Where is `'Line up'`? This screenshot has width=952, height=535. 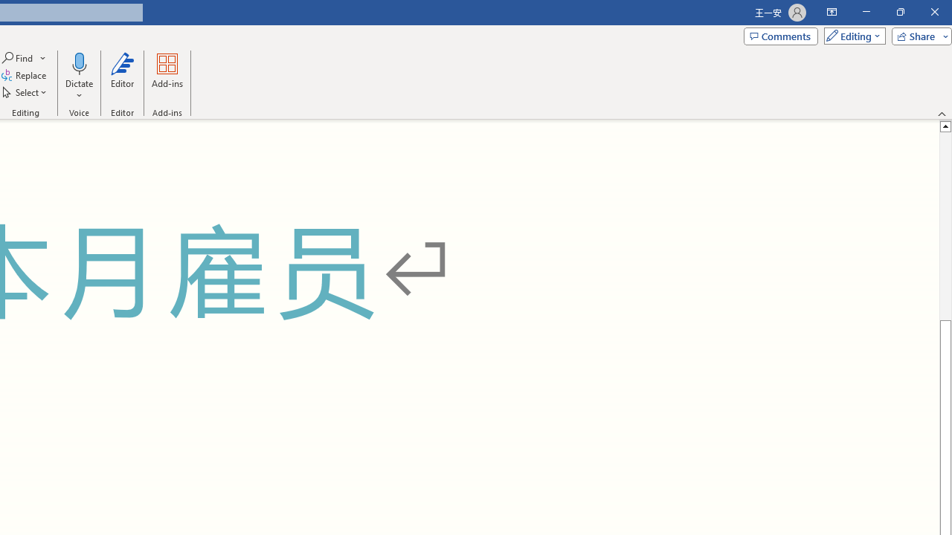 'Line up' is located at coordinates (945, 125).